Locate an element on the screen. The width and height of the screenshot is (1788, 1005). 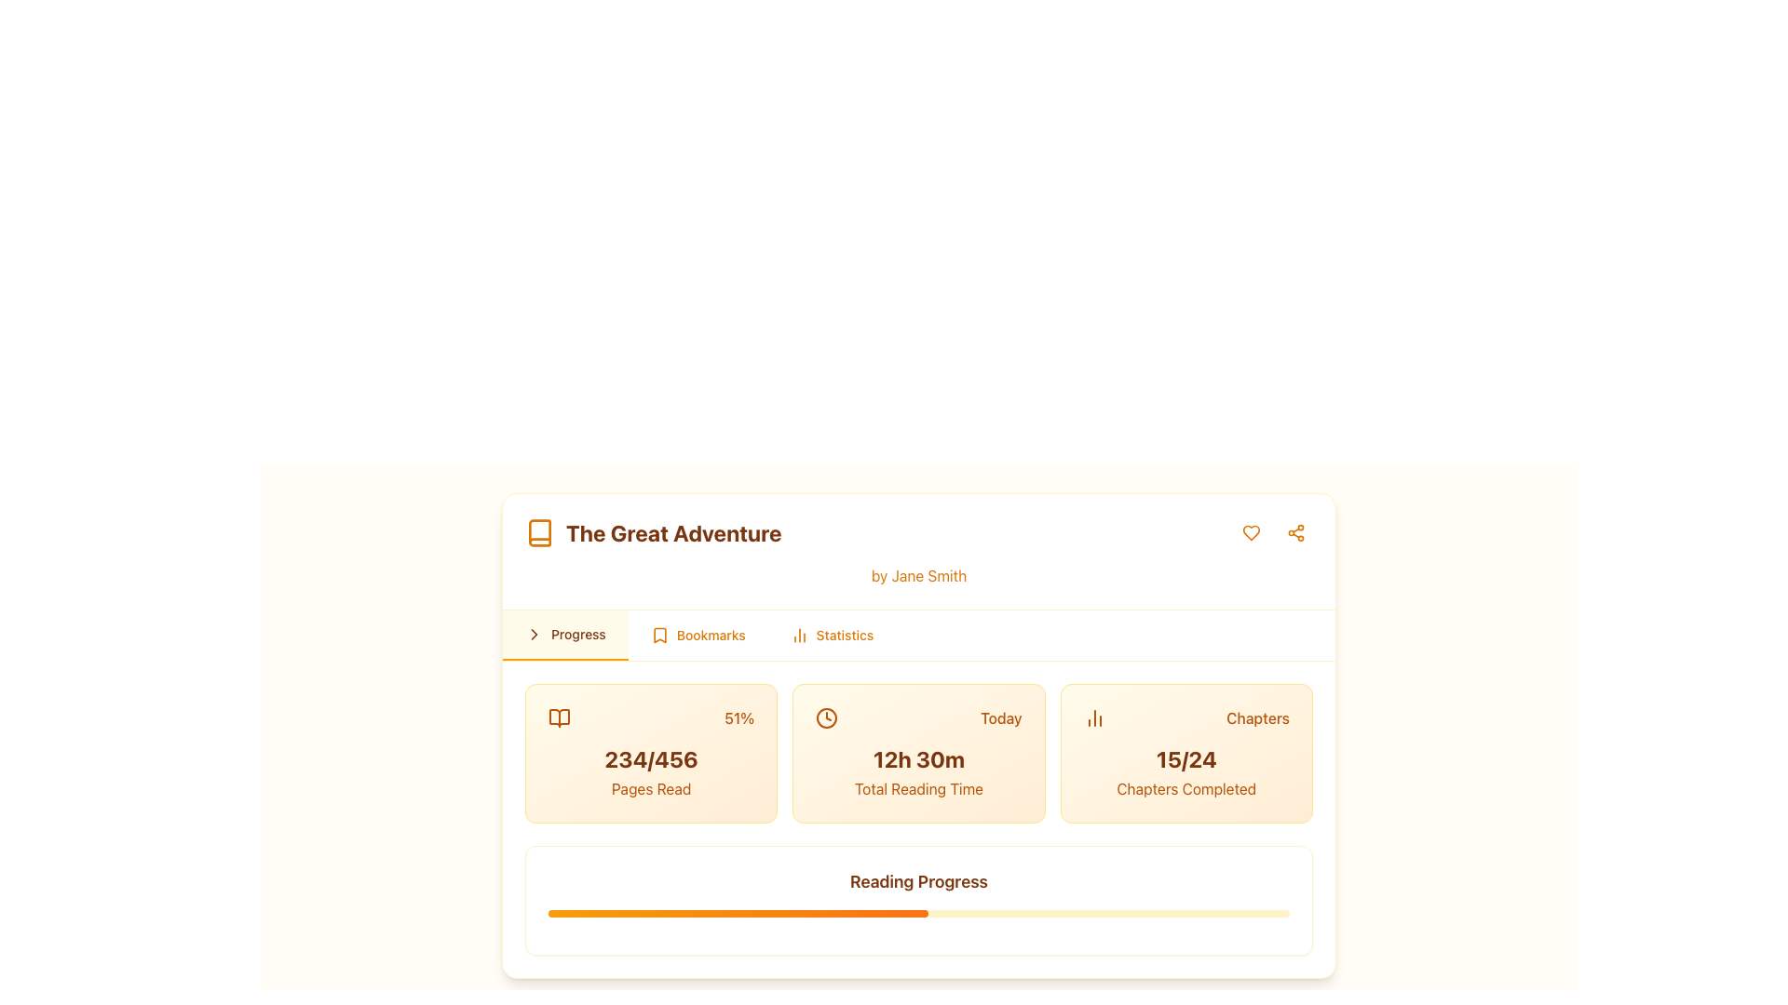
the filled portion of the progress bar segment, which is a narrow, rounded bar transitioning from amber to orange, located at the bottom of the 'Reading Progress' card is located at coordinates (738, 913).